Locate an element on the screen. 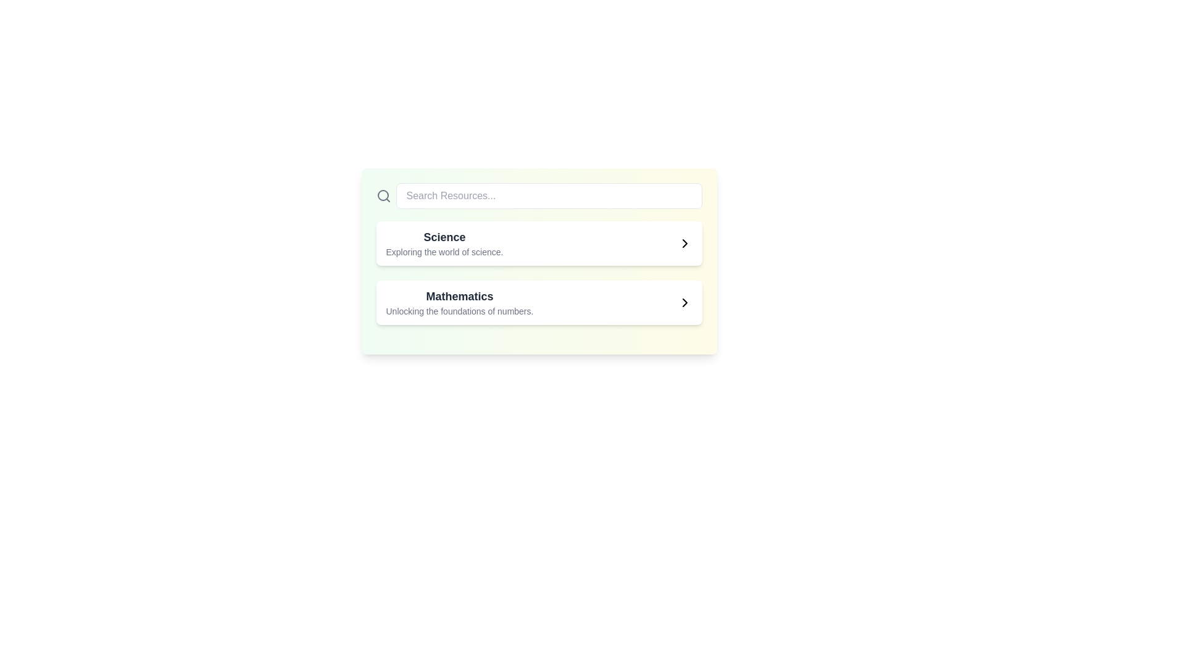 The height and width of the screenshot is (666, 1185). the Chevron icon located in the top-right corner of the 'Science' card is located at coordinates (684, 243).